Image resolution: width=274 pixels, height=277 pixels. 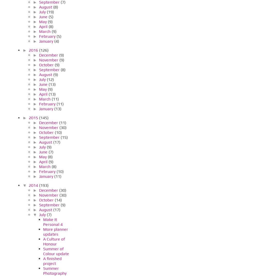 I want to click on 'More planner updates', so click(x=55, y=232).